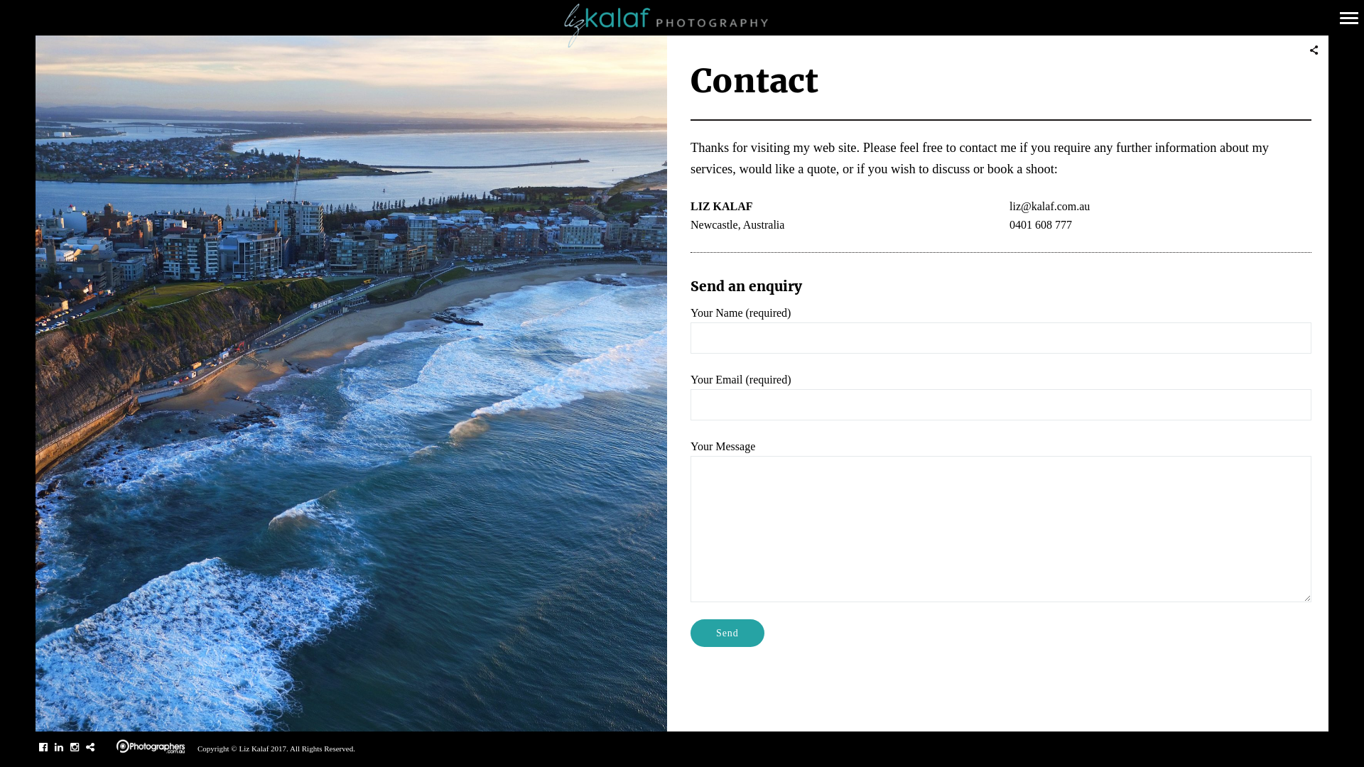 This screenshot has width=1364, height=767. Describe the element at coordinates (58, 746) in the screenshot. I see `'LinkedIn'` at that location.